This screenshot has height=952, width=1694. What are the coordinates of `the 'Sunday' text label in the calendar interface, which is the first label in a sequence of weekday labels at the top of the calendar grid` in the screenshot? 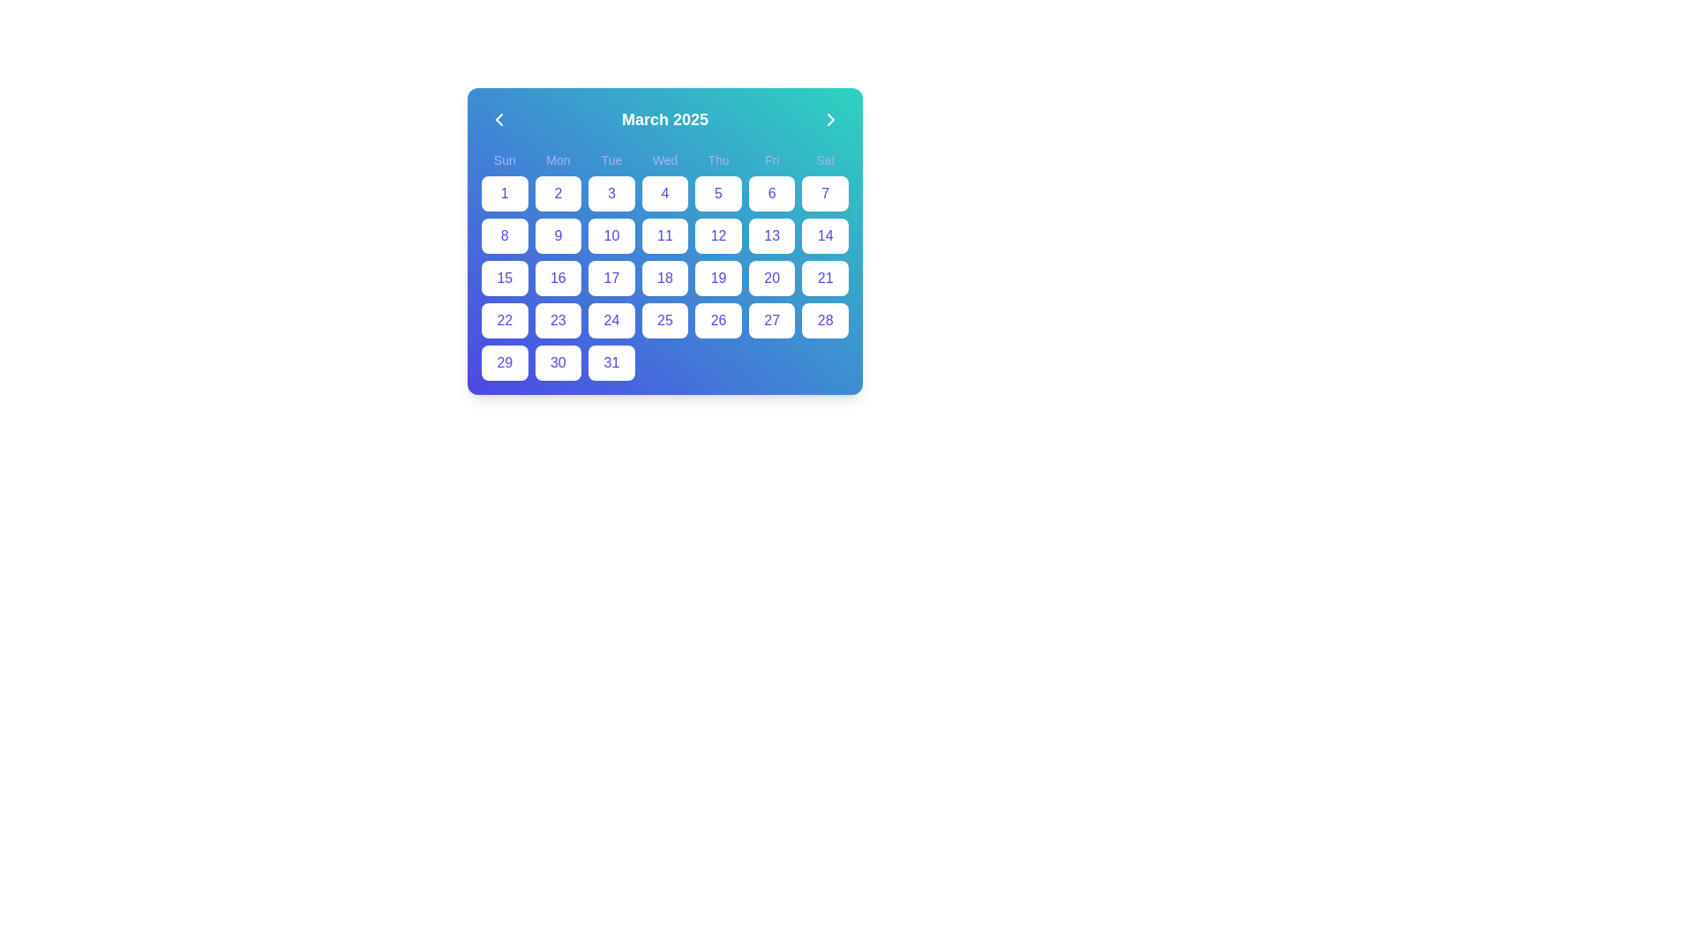 It's located at (504, 160).